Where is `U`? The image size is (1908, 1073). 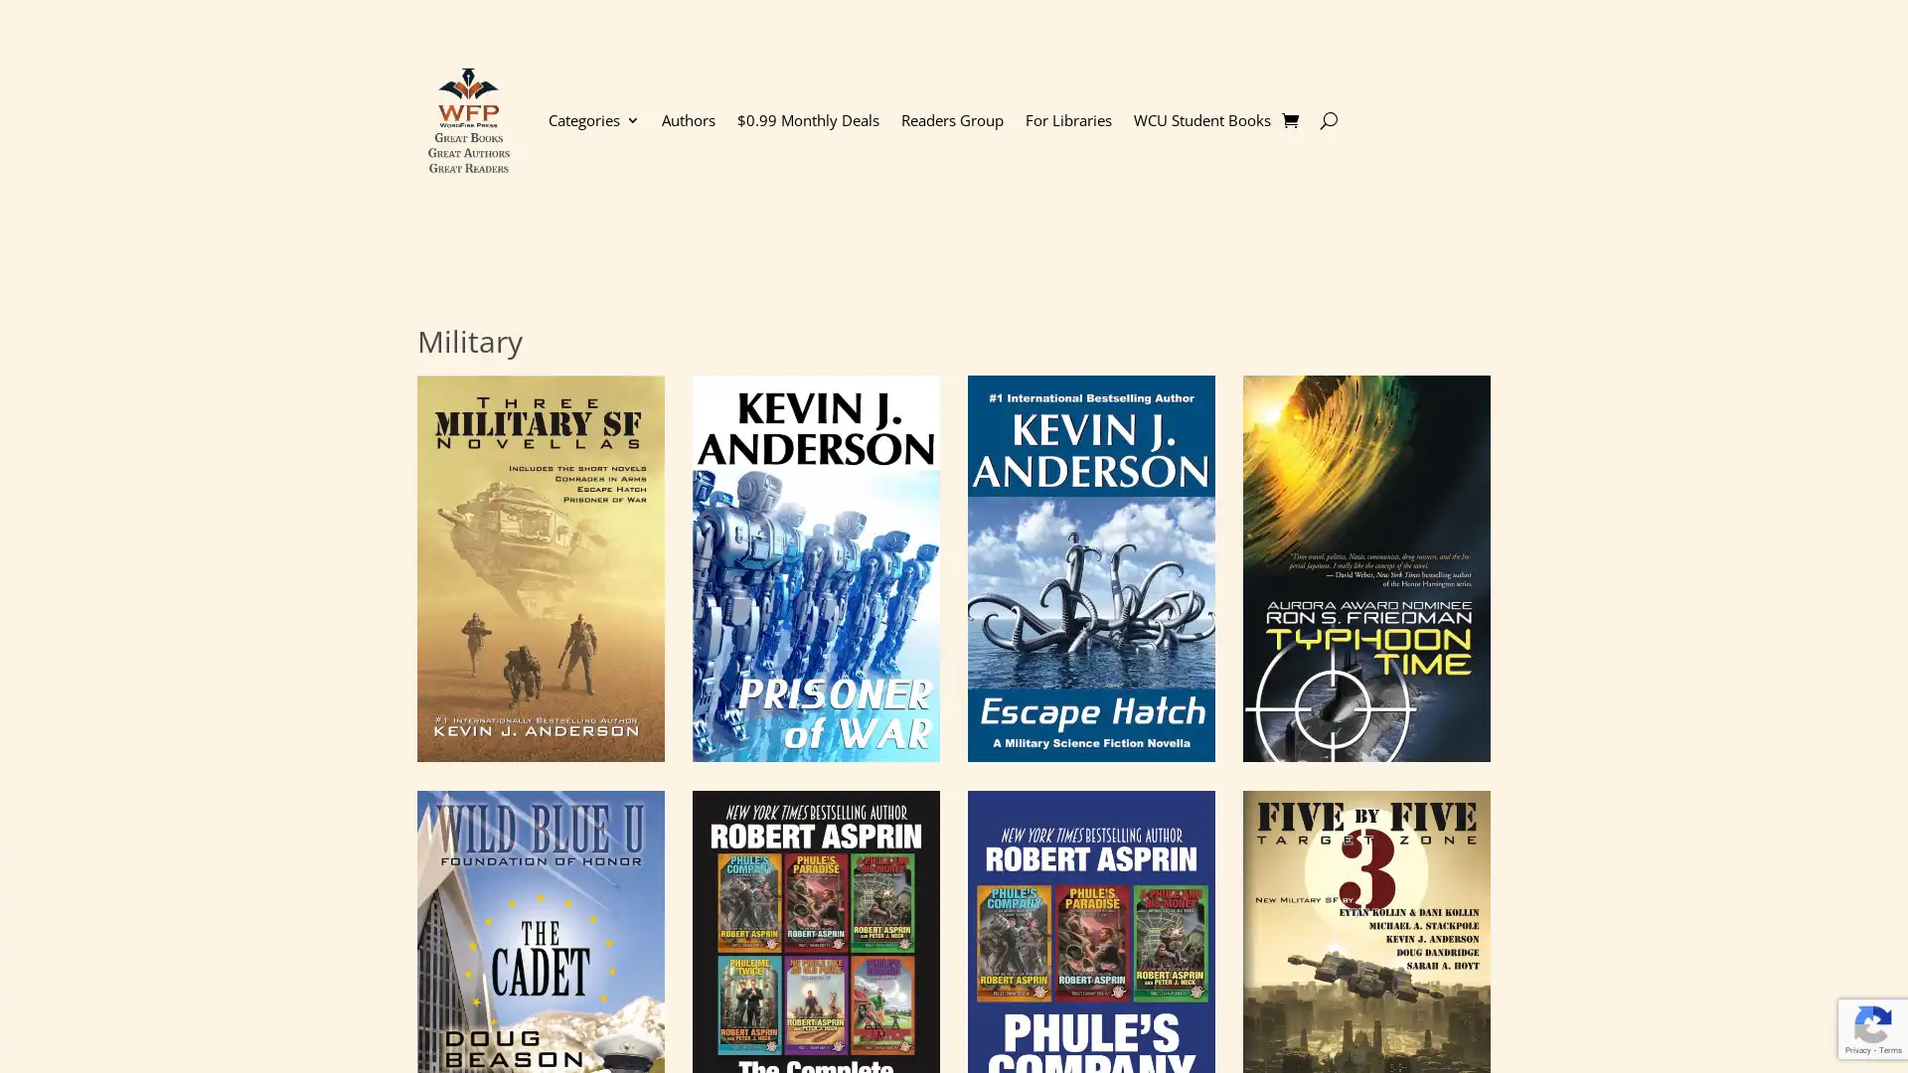 U is located at coordinates (1328, 119).